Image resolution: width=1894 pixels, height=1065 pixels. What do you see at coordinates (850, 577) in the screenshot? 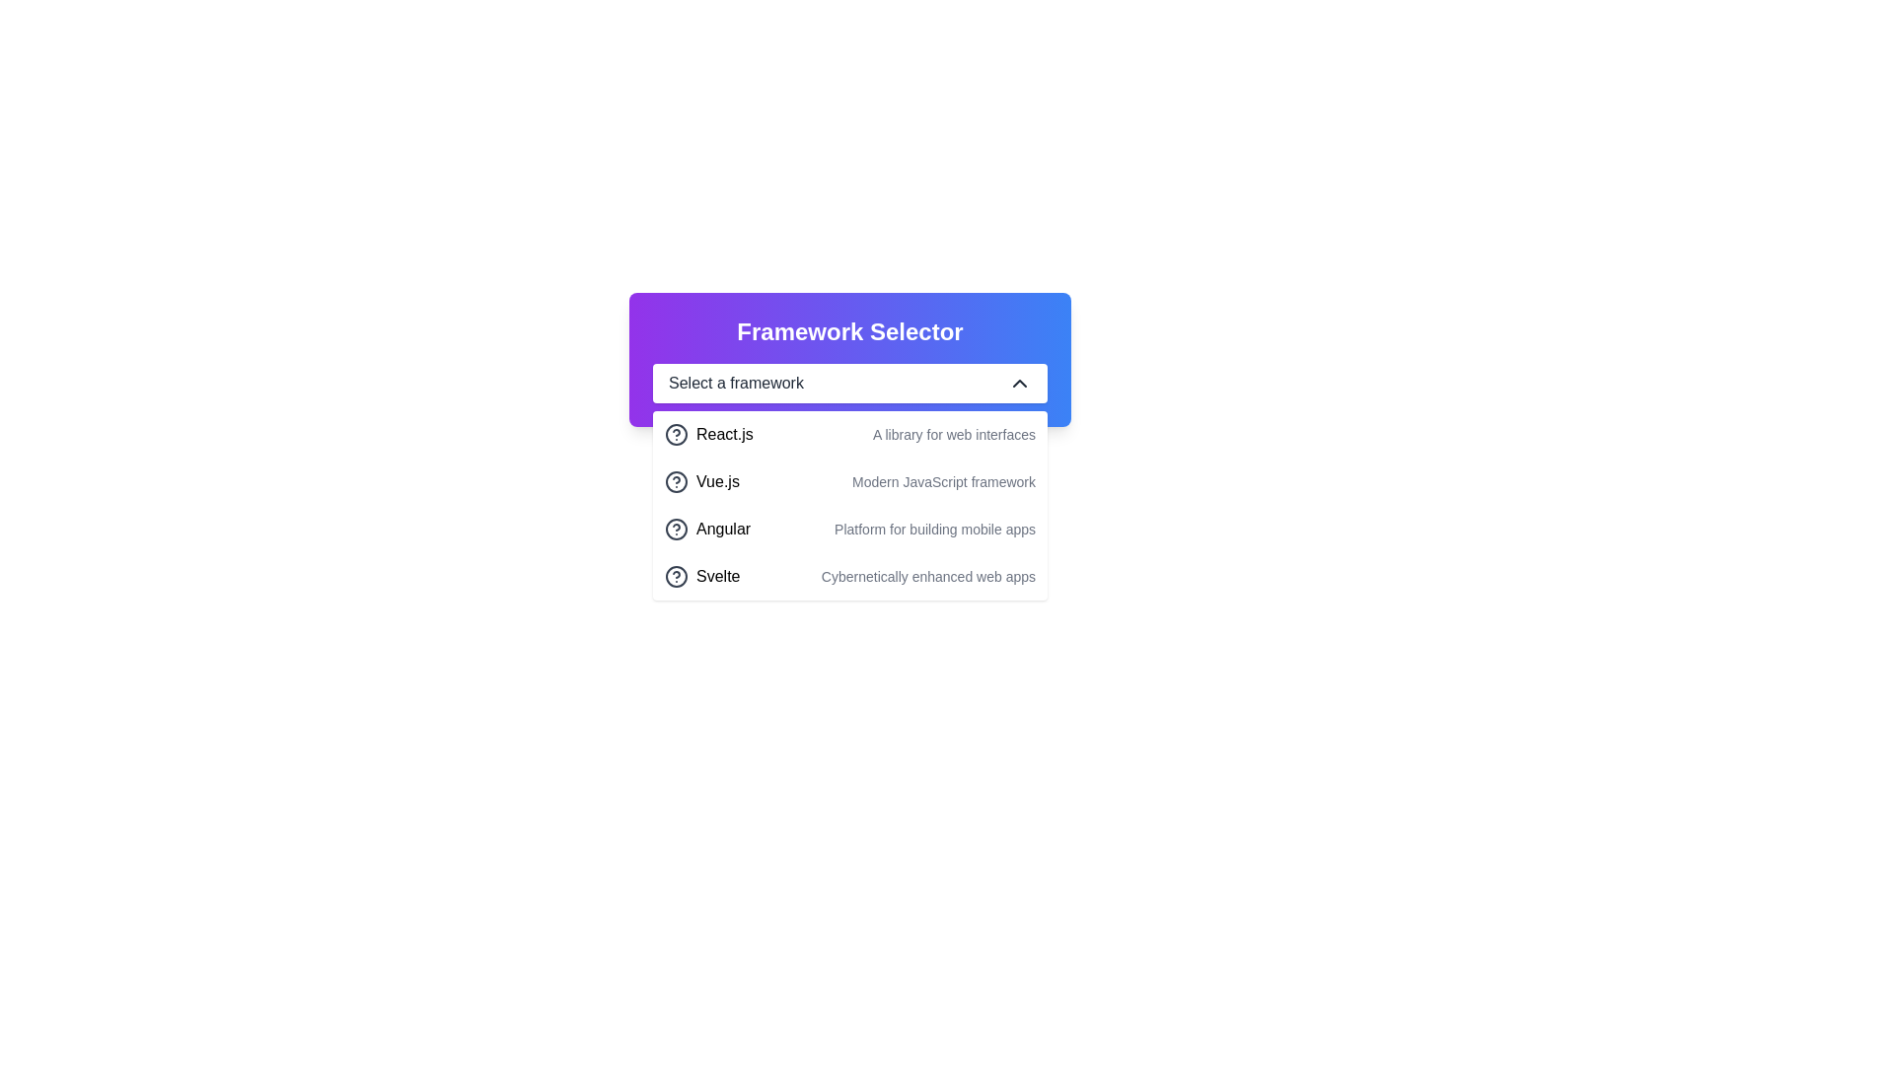
I see `the 'Svelte' option in the dropdown menu located below 'Angular', 'Vue.js', and 'React.js'` at bounding box center [850, 577].